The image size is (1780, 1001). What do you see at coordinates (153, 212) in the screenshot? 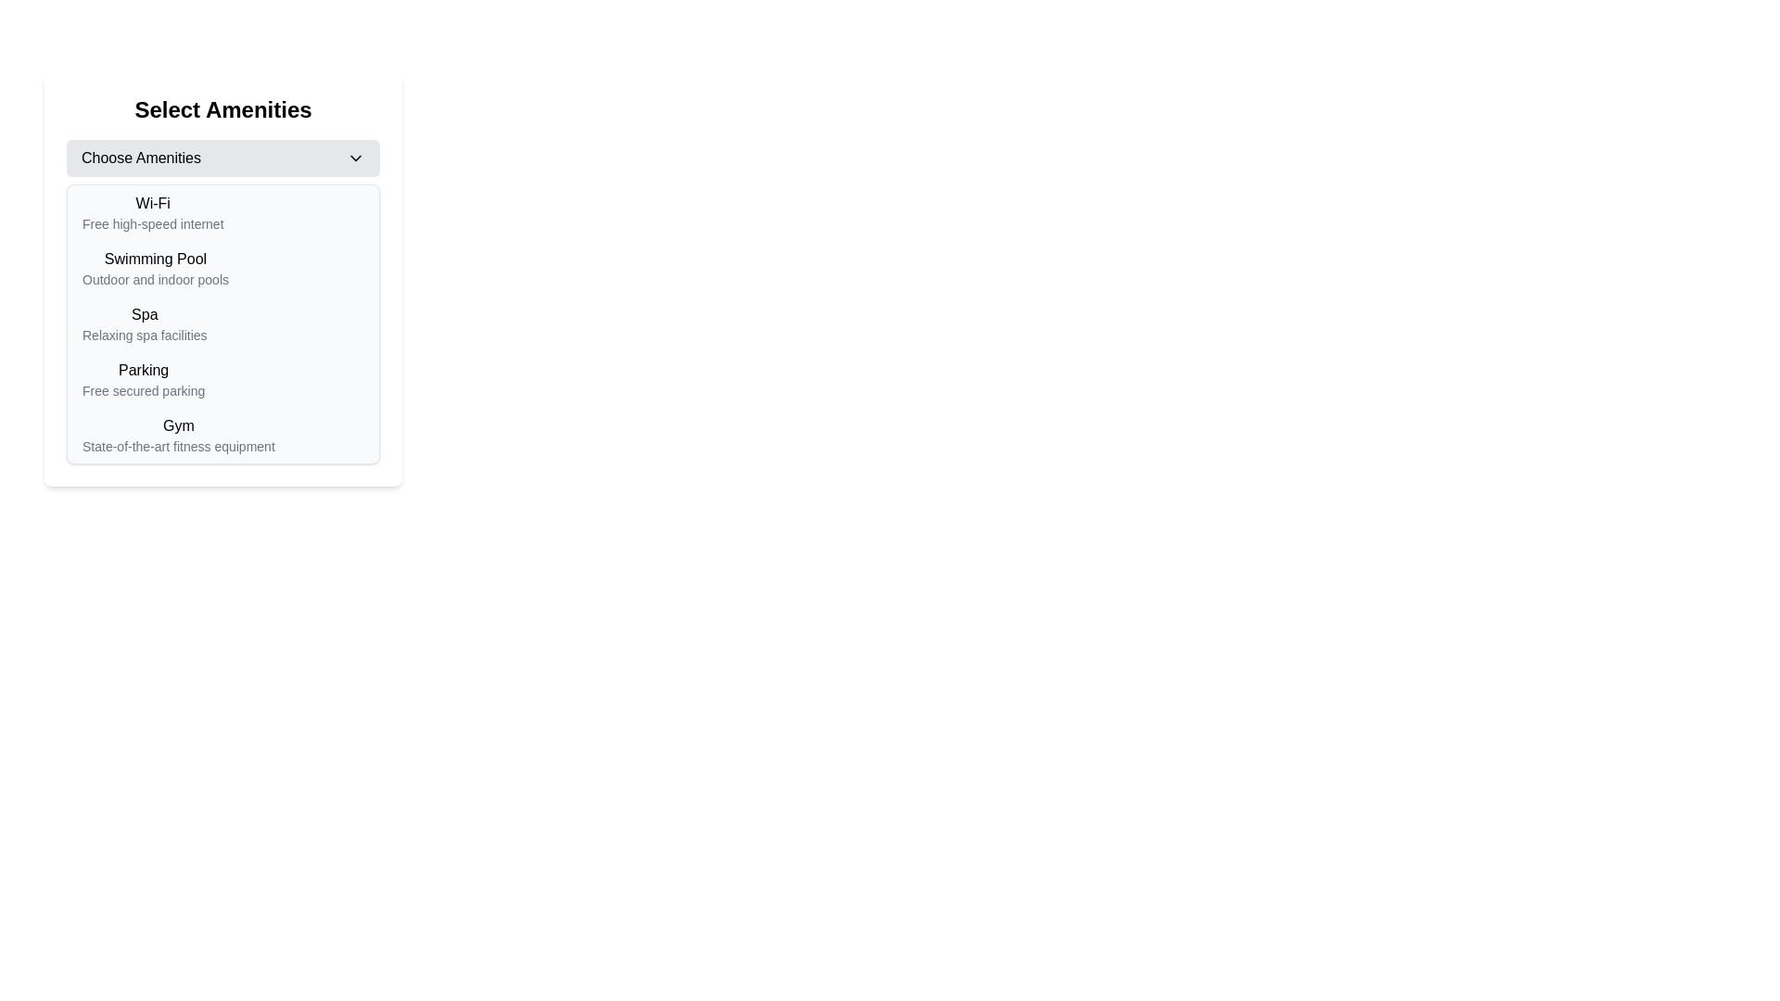
I see `the first text block in the 'Select Amenities' section that provides details about Wi-Fi accessibility and its free high-speed internet offering` at bounding box center [153, 212].